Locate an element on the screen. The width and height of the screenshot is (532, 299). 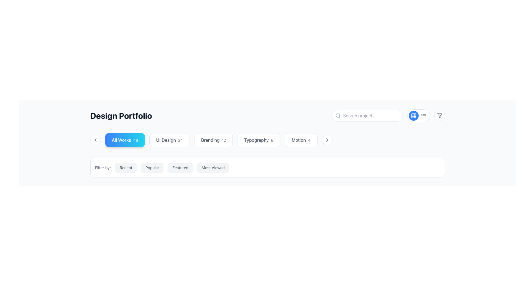
the 'UI Design' button, which is the second button in a row of navigation buttons is located at coordinates (169, 140).